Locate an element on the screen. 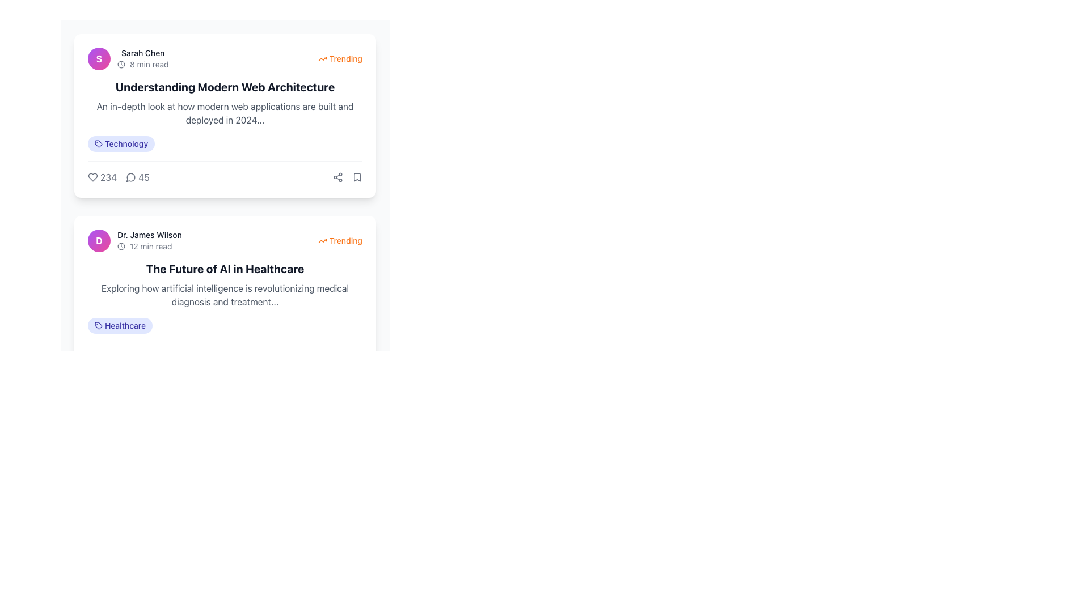  the icon positioned to the left of the 'Healthcare' label, which represents a category associated with the article titled 'The Future of AI in Healthcare' is located at coordinates (98, 325).